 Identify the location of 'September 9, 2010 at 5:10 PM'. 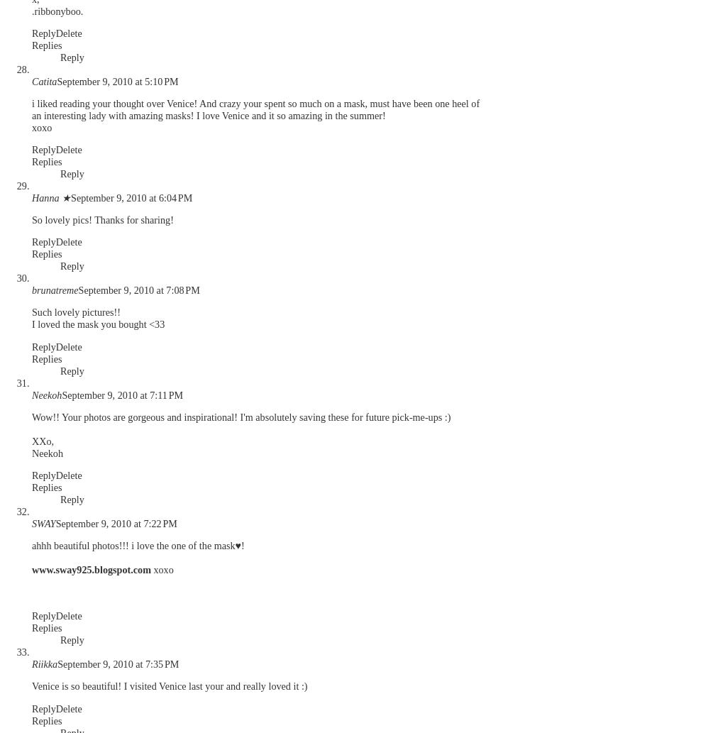
(117, 81).